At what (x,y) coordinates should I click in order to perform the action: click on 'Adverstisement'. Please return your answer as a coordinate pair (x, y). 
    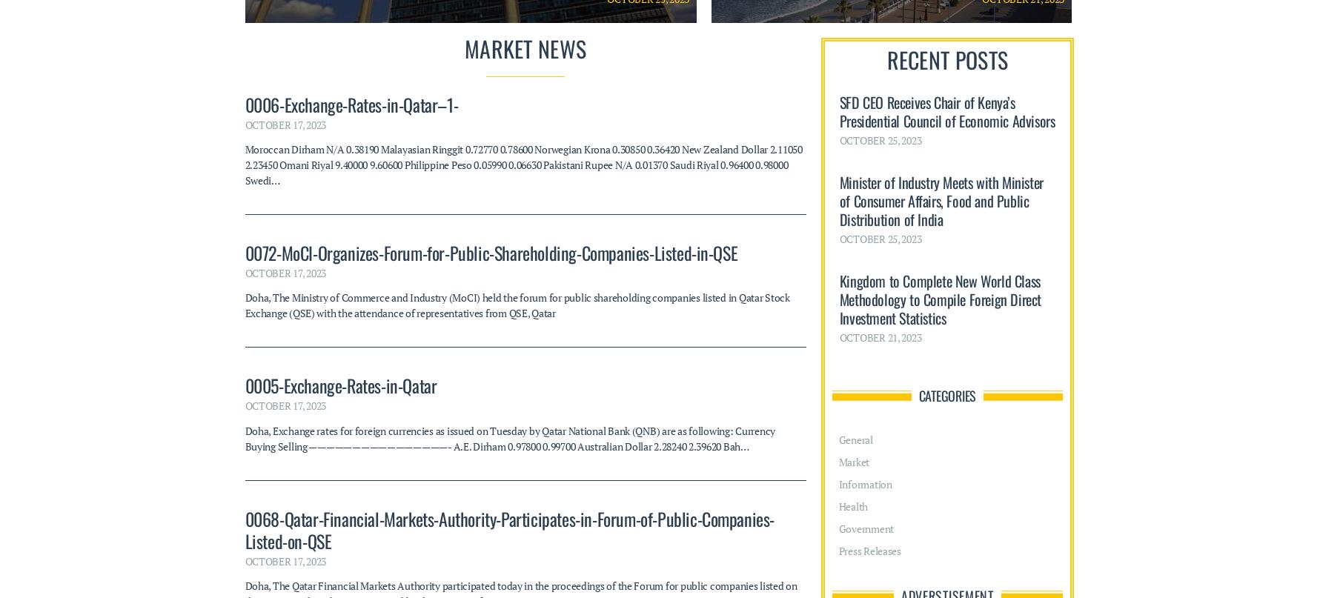
    Looking at the image, I should click on (946, 305).